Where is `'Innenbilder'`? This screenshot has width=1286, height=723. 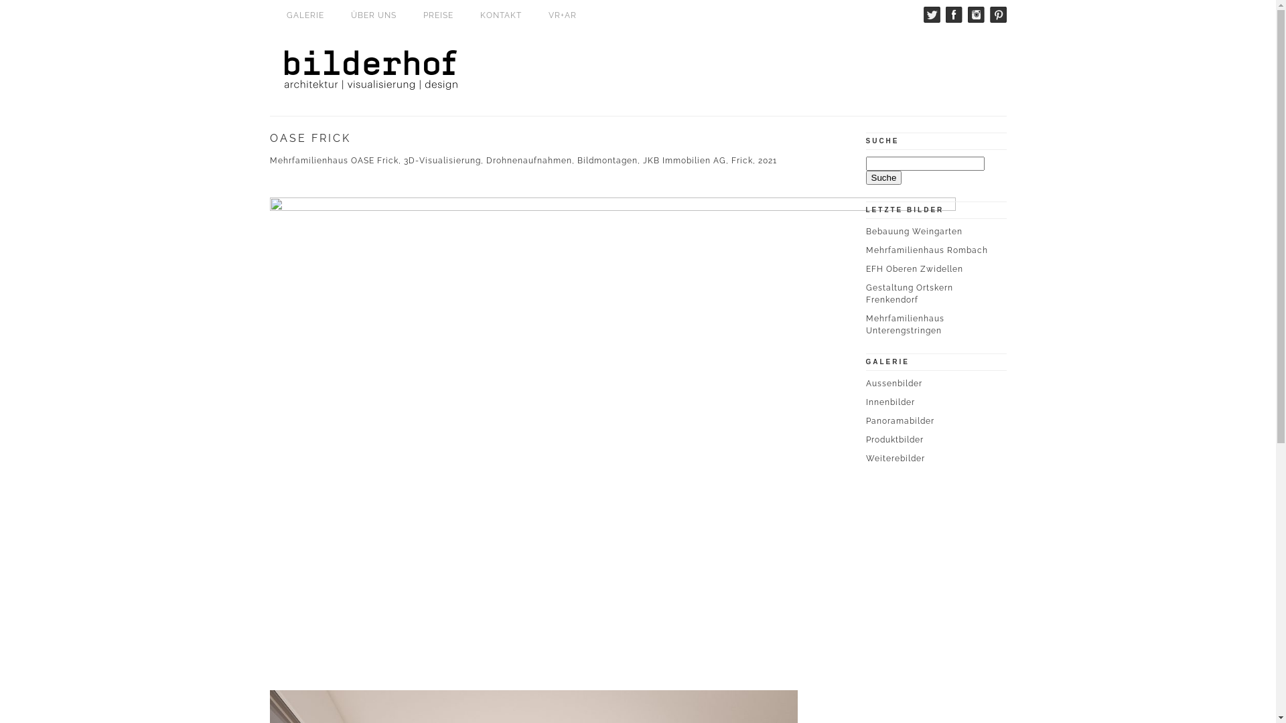 'Innenbilder' is located at coordinates (889, 402).